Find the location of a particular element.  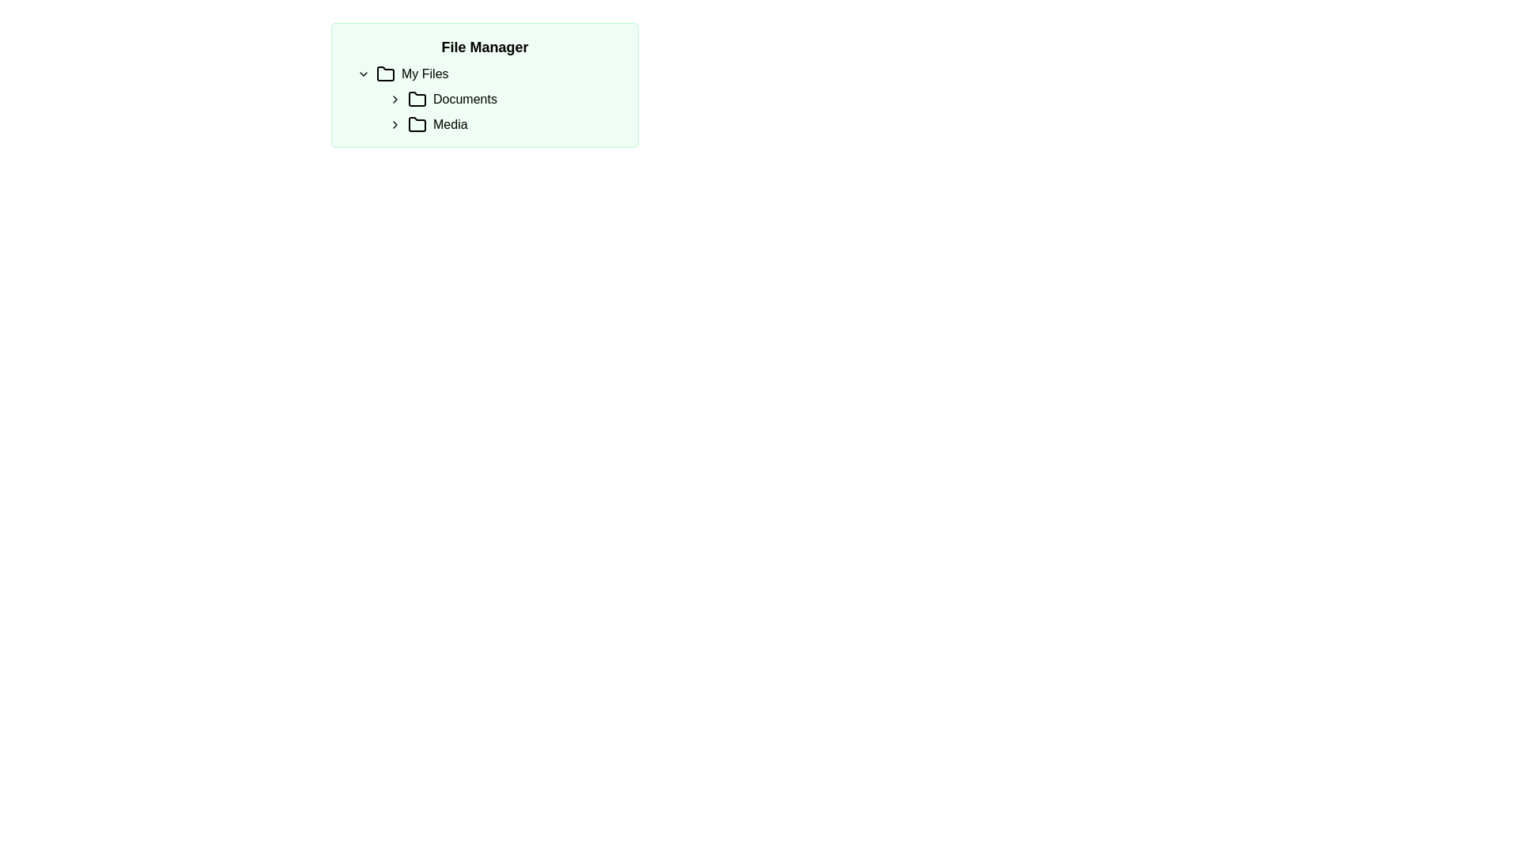

the 'My Files' collapsible folder node in the file browser interface is located at coordinates (490, 74).